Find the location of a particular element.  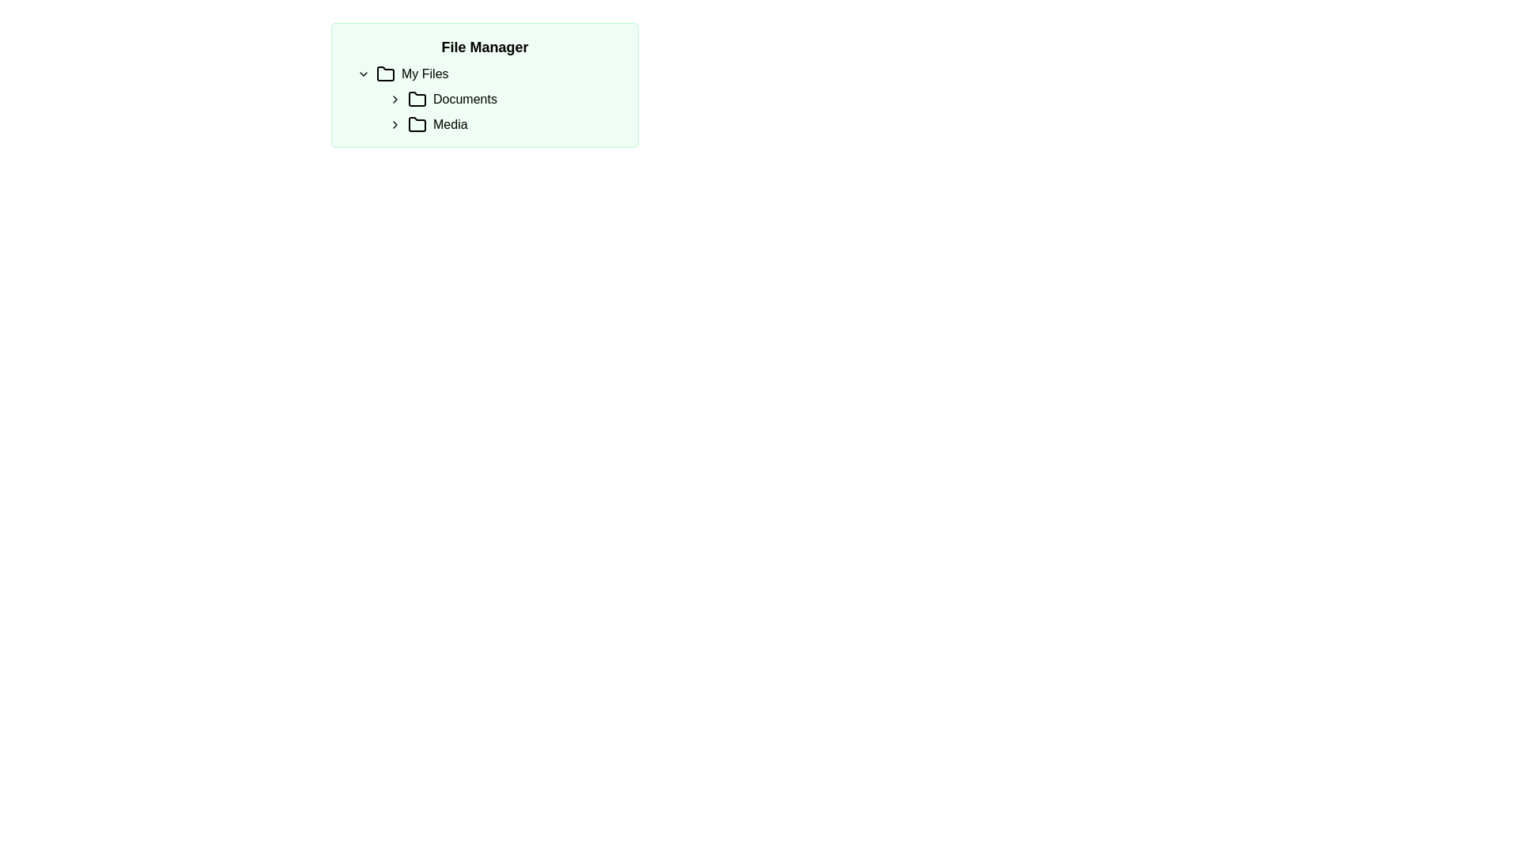

the 'My Files' collapsible folder node in the file browser interface is located at coordinates (490, 74).